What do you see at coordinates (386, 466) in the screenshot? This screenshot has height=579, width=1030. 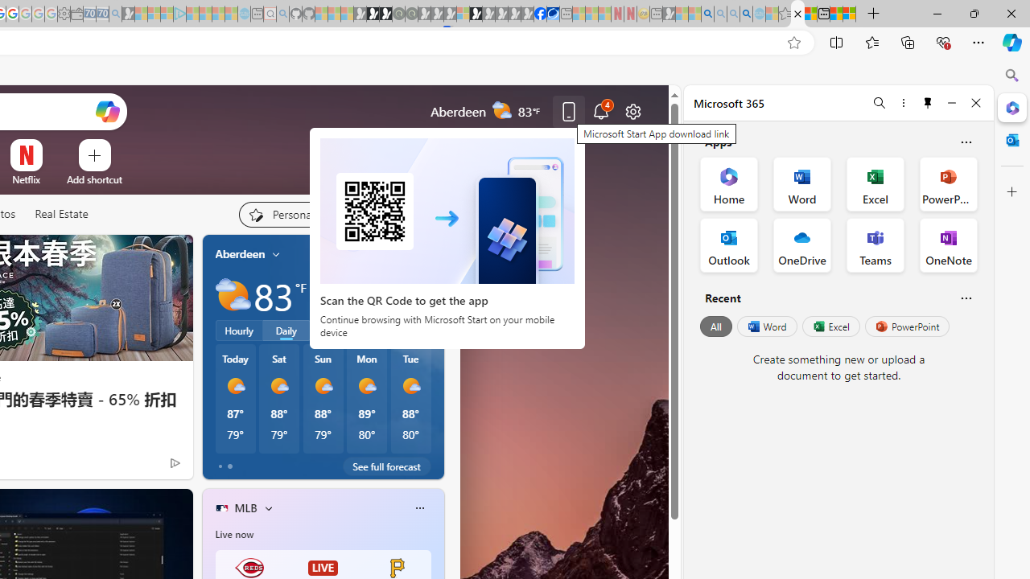 I see `'See full forecast'` at bounding box center [386, 466].